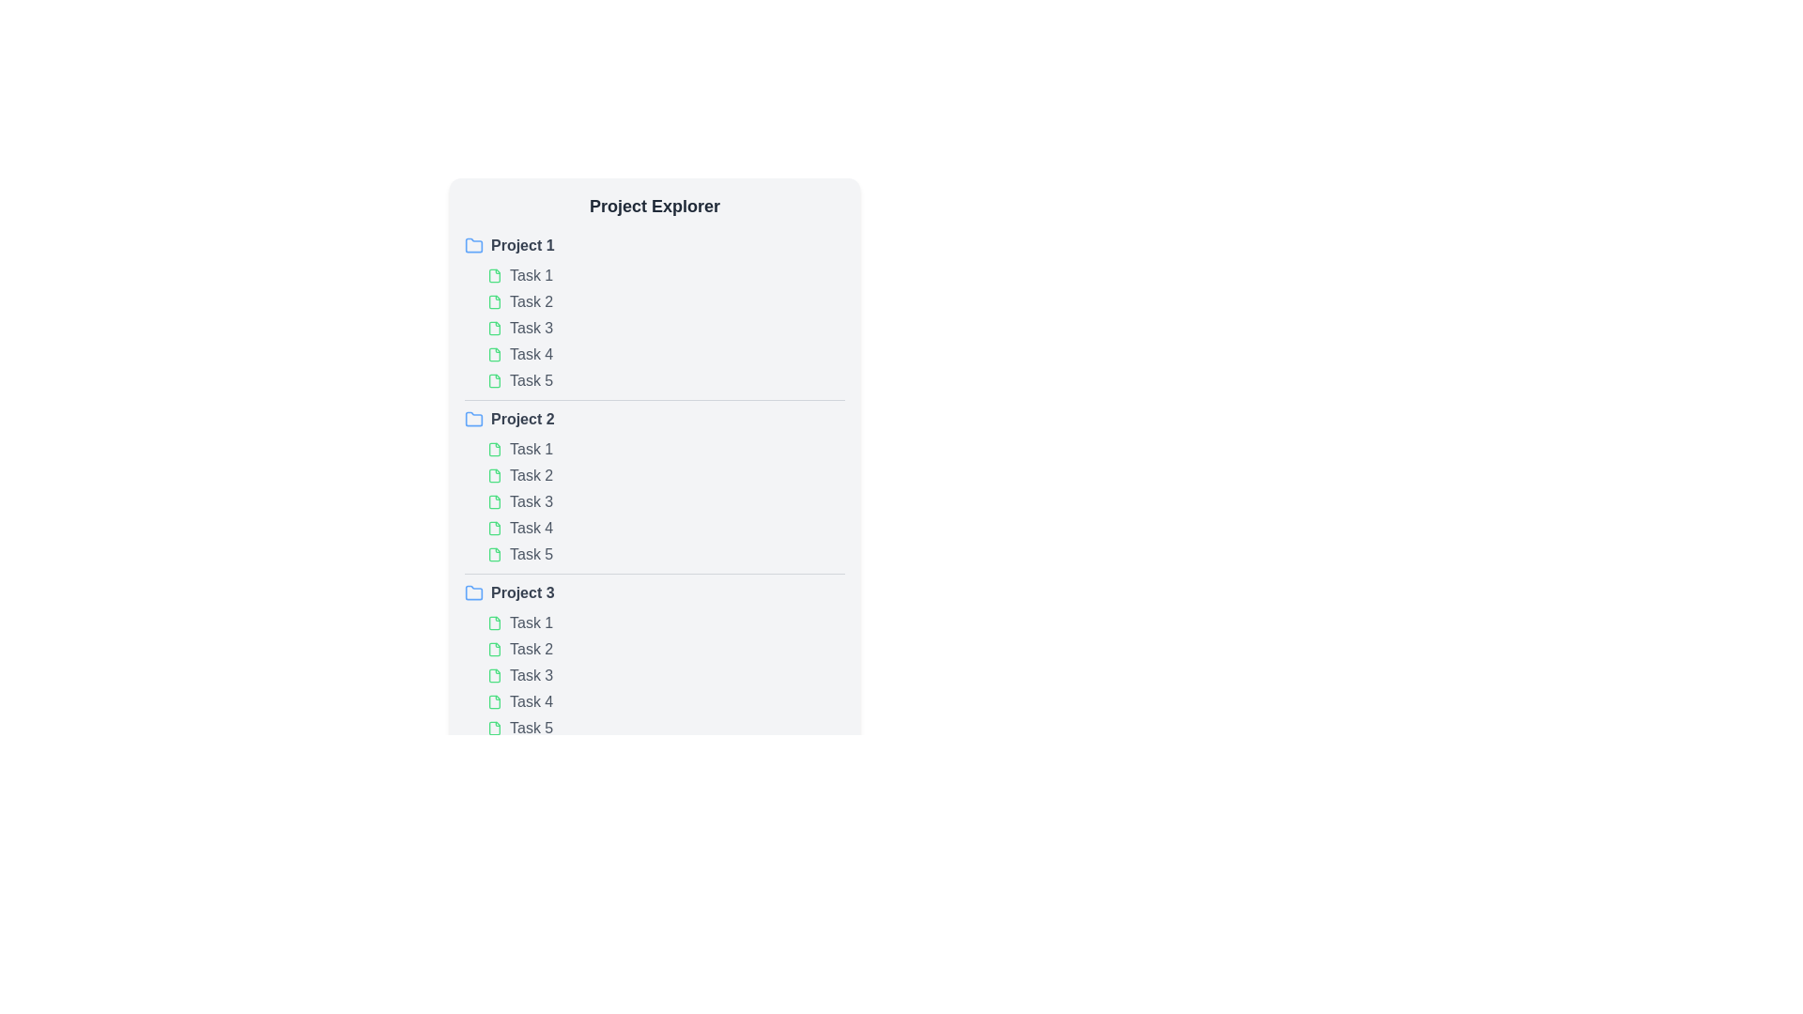 Image resolution: width=1803 pixels, height=1014 pixels. I want to click on the task icon associated with 'Task 4' located to the left of the text in the 'Project Explorer' under 'Project 1', so click(495, 355).